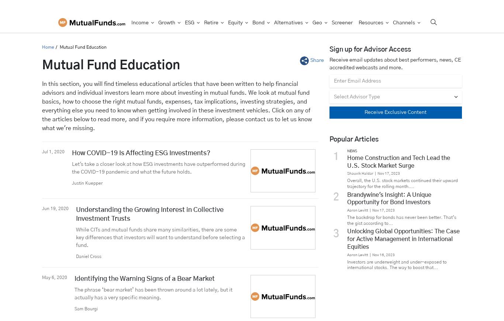 This screenshot has height=321, width=504. Describe the element at coordinates (401, 220) in the screenshot. I see `'The backdrop for bonds has never been better. That’s the gist according to...'` at that location.